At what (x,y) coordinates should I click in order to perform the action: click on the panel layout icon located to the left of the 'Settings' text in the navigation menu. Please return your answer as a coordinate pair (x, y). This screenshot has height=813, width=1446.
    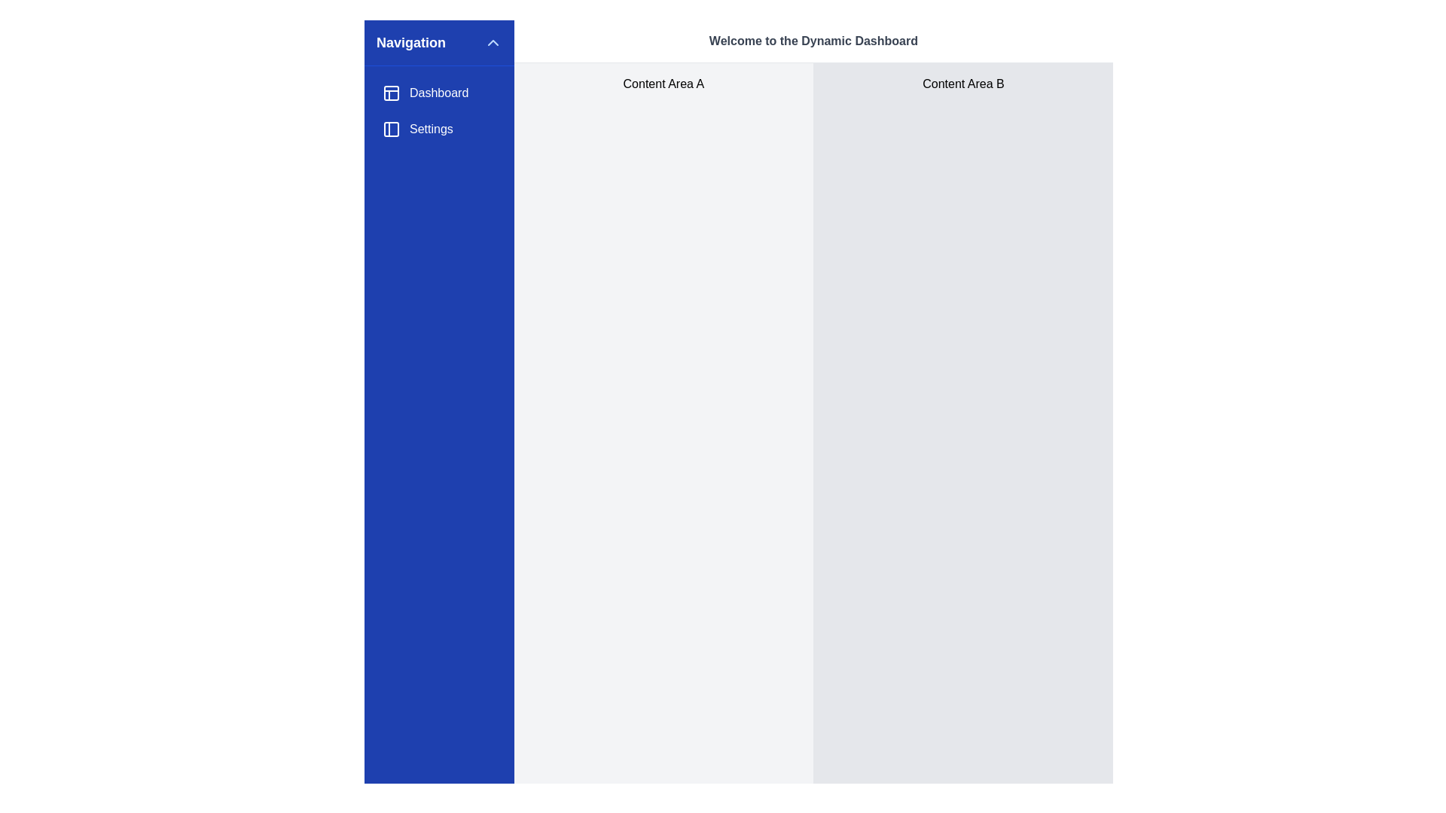
    Looking at the image, I should click on (391, 129).